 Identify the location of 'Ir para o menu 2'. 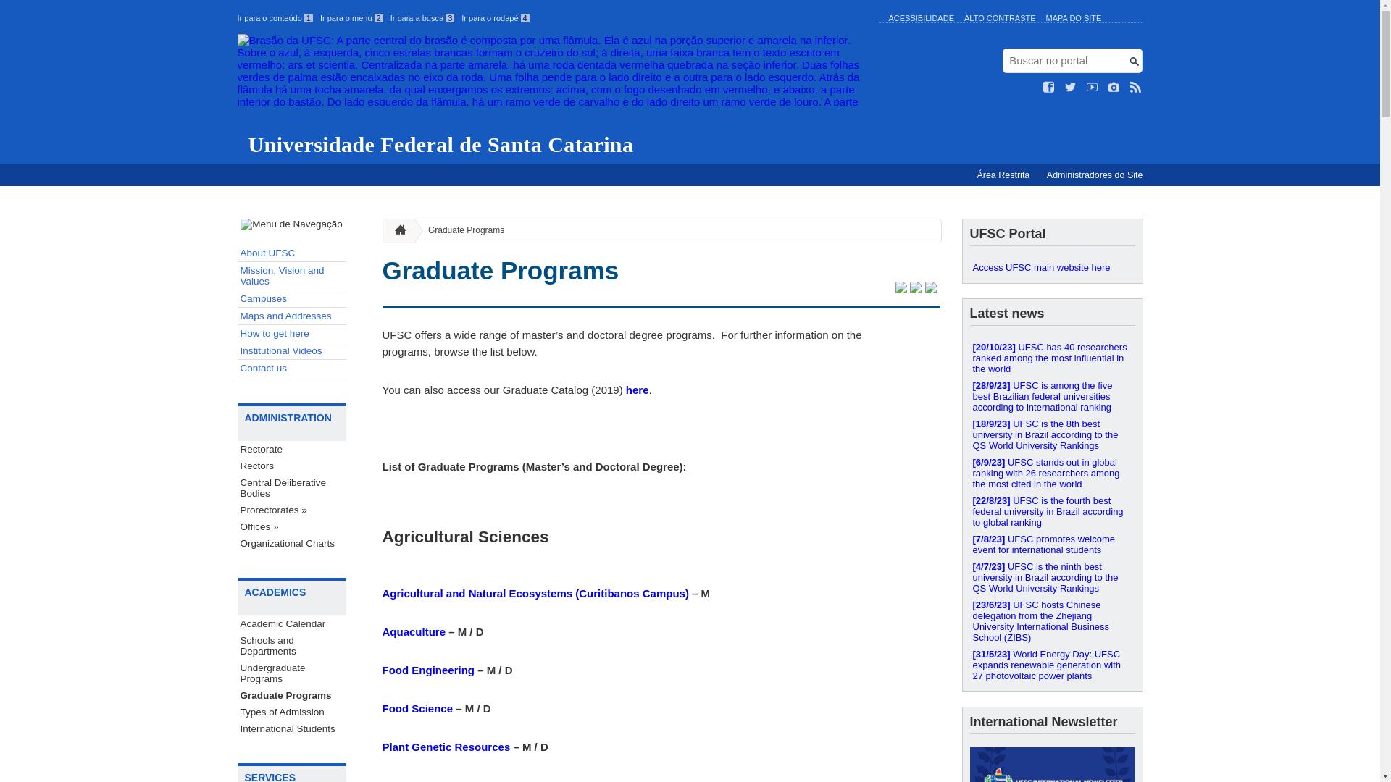
(319, 17).